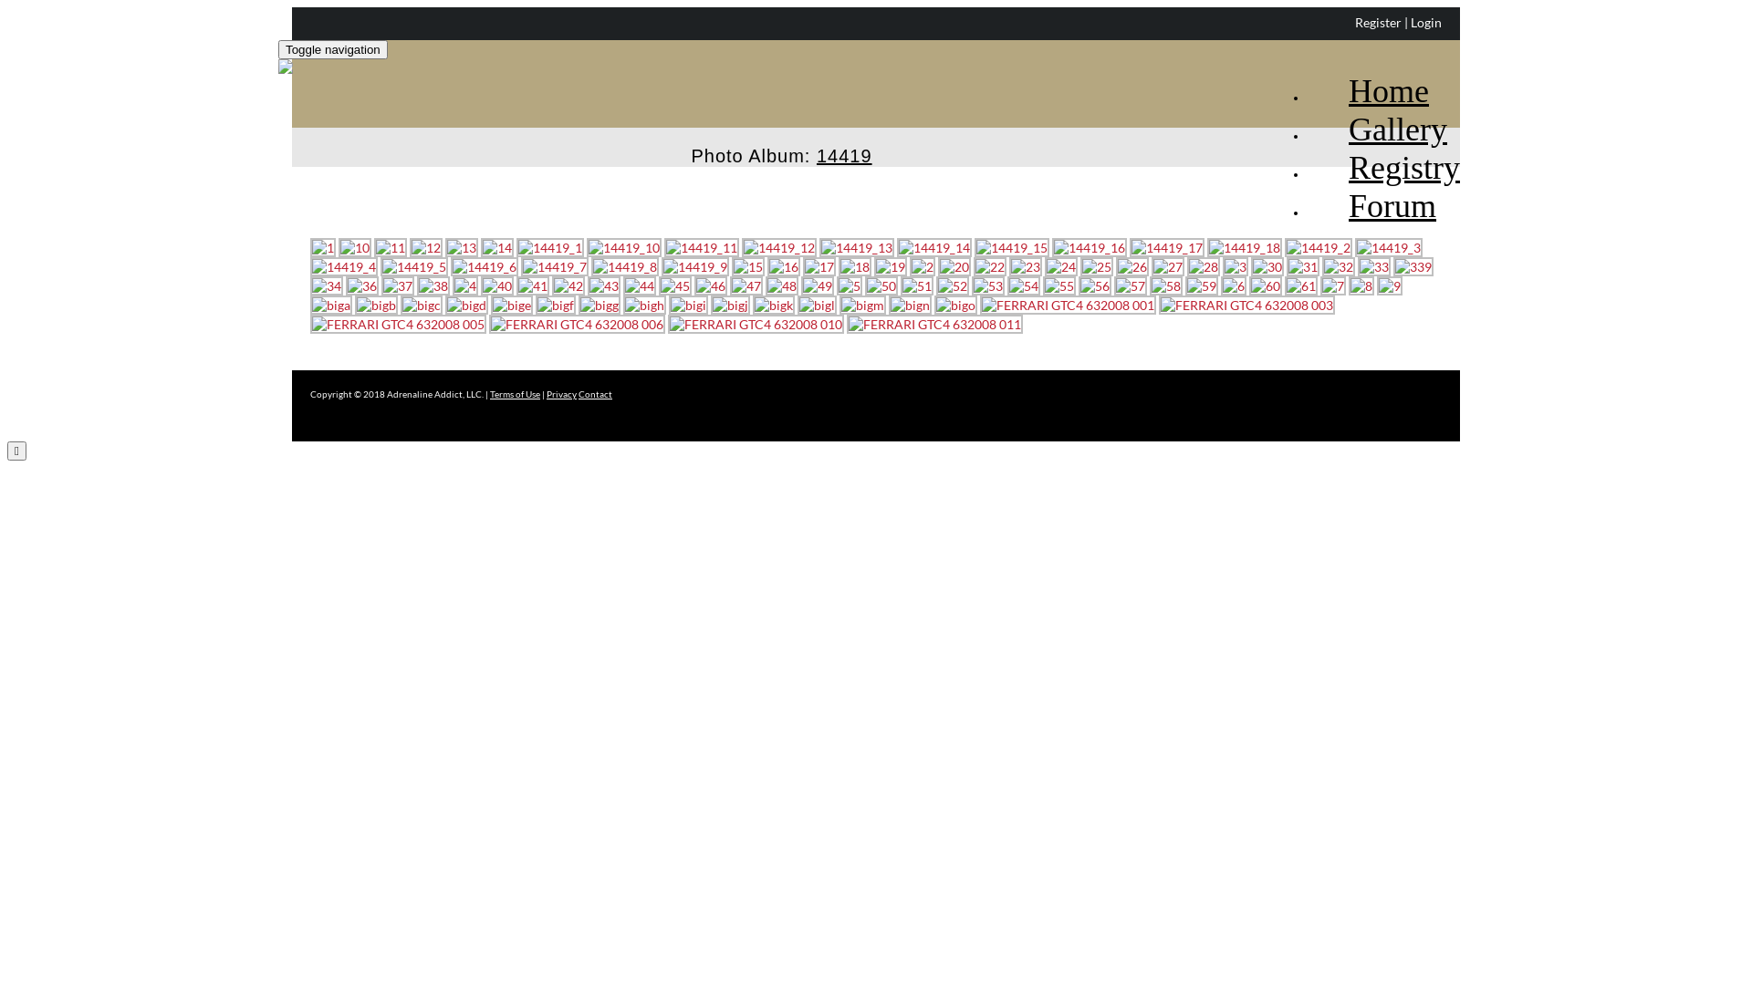  What do you see at coordinates (485, 266) in the screenshot?
I see `'14419_6 (click to enlarge)'` at bounding box center [485, 266].